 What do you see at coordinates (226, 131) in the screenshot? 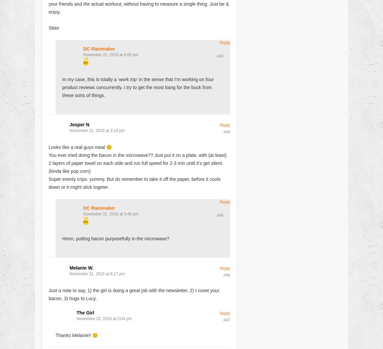
I see `'#44'` at bounding box center [226, 131].